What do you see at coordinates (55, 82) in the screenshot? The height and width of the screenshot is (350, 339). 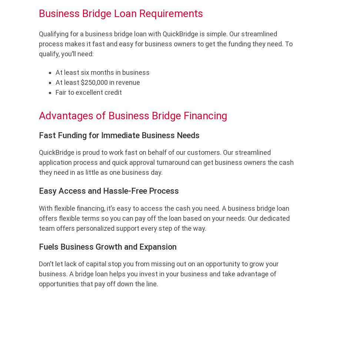 I see `'At least $250,000 in revenue'` at bounding box center [55, 82].